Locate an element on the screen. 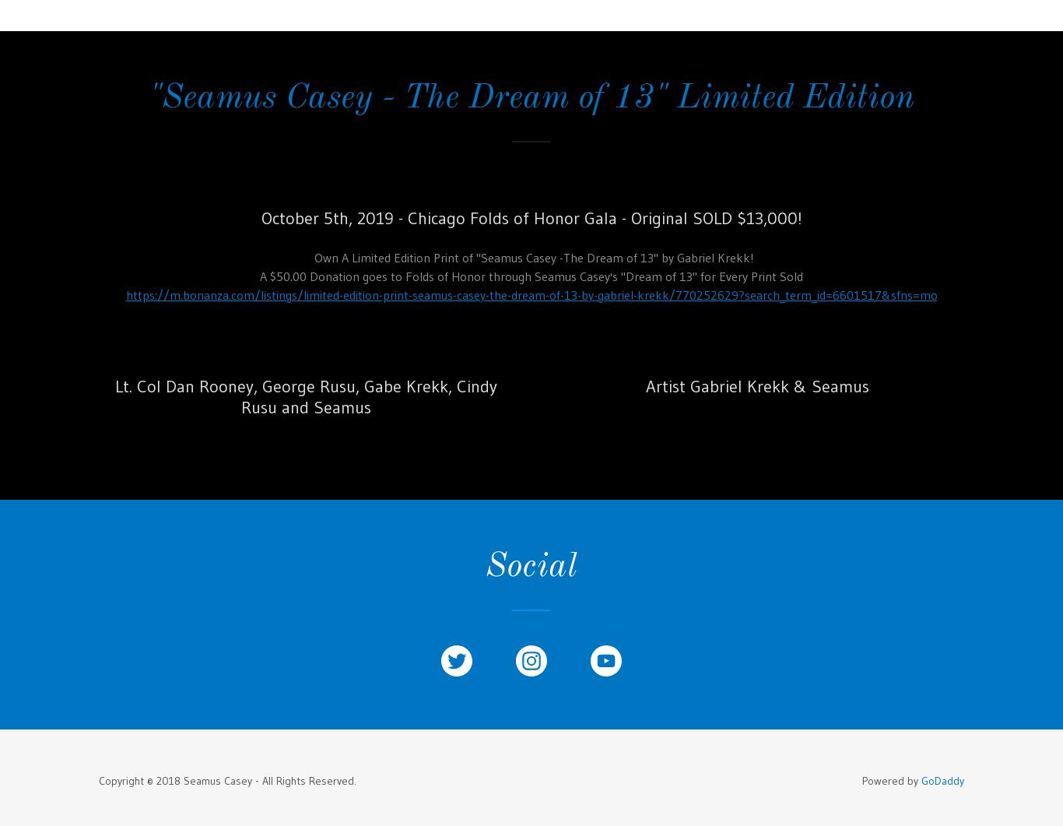 Image resolution: width=1063 pixels, height=826 pixels. 'Lt. Col Dan Rooney, George Rusu, Gabe Krekk, Cindy Rusu and Seamus' is located at coordinates (304, 396).